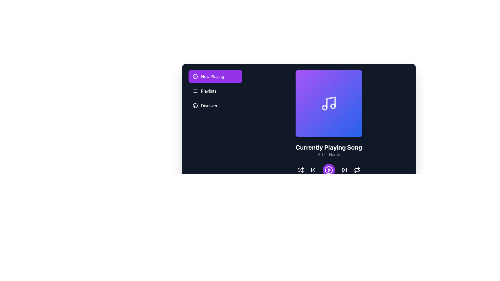  Describe the element at coordinates (328, 154) in the screenshot. I see `the text label displaying 'Artist Name' for information, which is located directly beneath the 'Currently Playing Song' text and is styled in a subdued gray color` at that location.